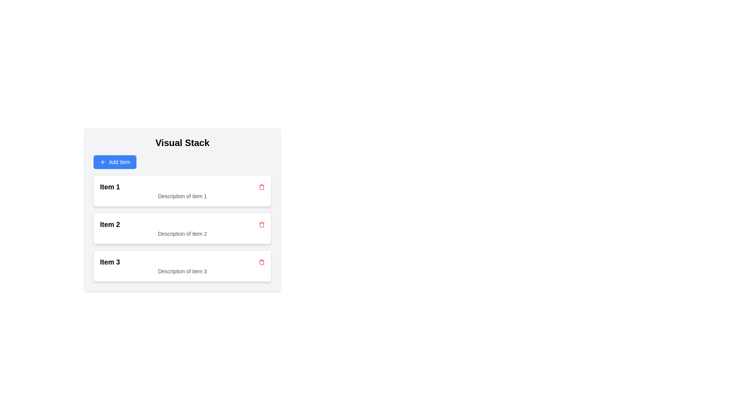 This screenshot has height=414, width=736. What do you see at coordinates (102, 162) in the screenshot?
I see `the 'Add' SVG Icon that is located within the blue 'Add Item' button, positioned at the top-left of the interface, to the left of the button's text` at bounding box center [102, 162].